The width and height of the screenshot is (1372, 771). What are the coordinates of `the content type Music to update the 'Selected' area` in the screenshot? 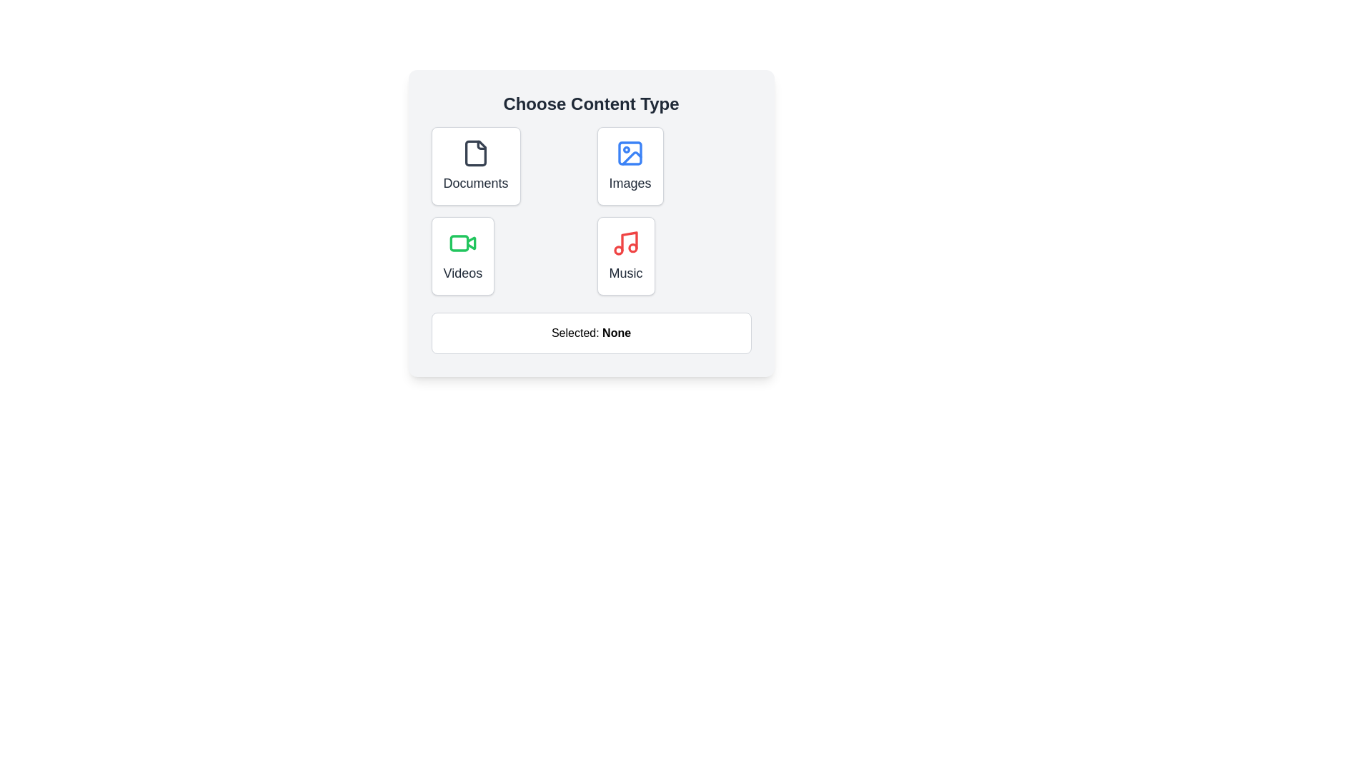 It's located at (626, 255).